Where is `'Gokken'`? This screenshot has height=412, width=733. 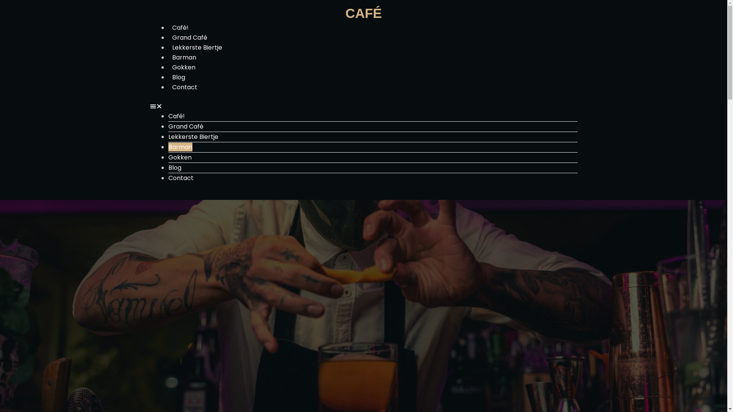 'Gokken' is located at coordinates (179, 157).